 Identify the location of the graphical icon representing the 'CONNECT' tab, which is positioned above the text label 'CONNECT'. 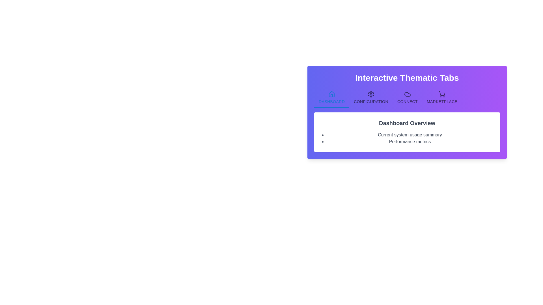
(407, 94).